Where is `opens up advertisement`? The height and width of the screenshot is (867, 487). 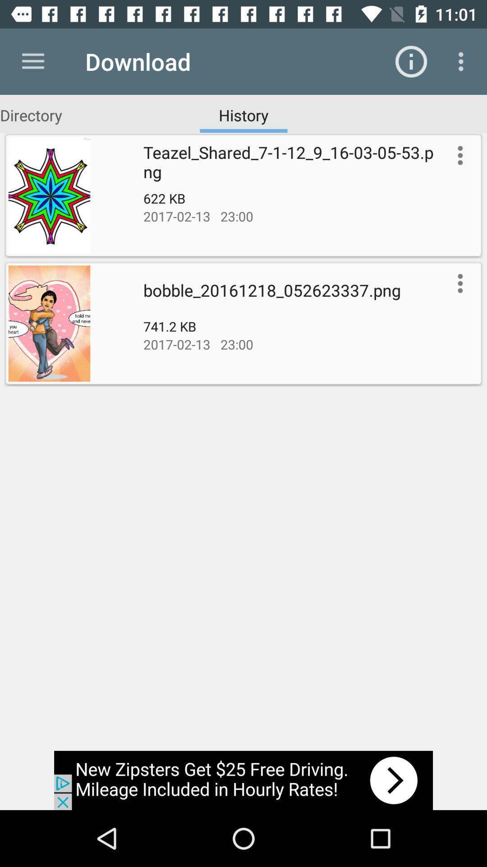 opens up advertisement is located at coordinates (243, 780).